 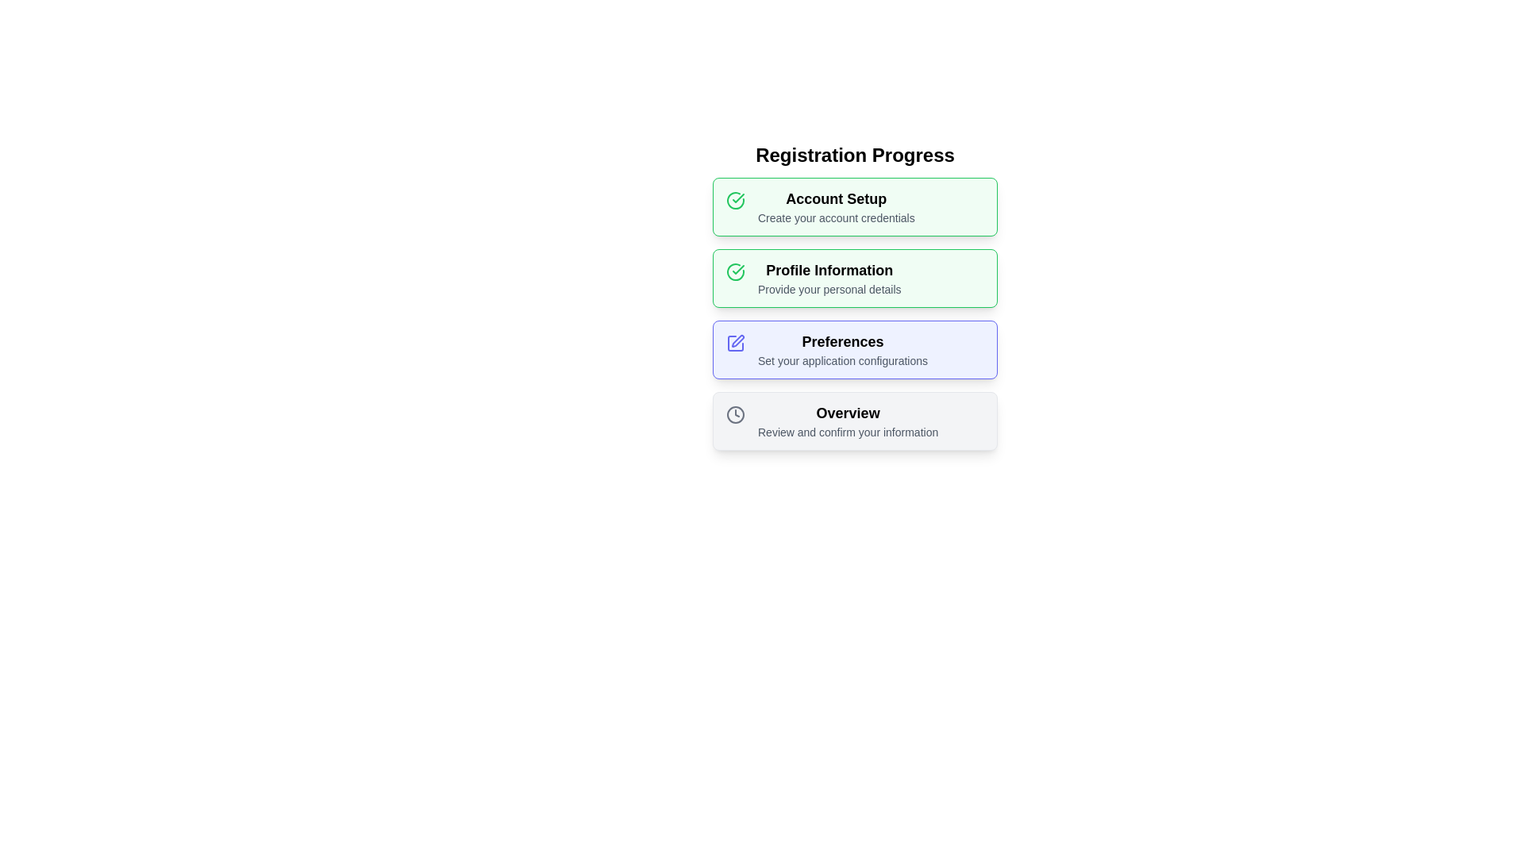 I want to click on the customization button located to the left of the 'Preferences' text, so click(x=734, y=342).